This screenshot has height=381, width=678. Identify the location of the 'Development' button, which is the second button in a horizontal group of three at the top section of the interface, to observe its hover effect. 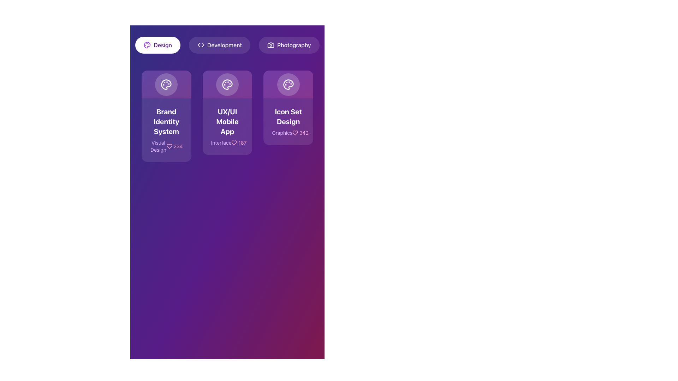
(219, 45).